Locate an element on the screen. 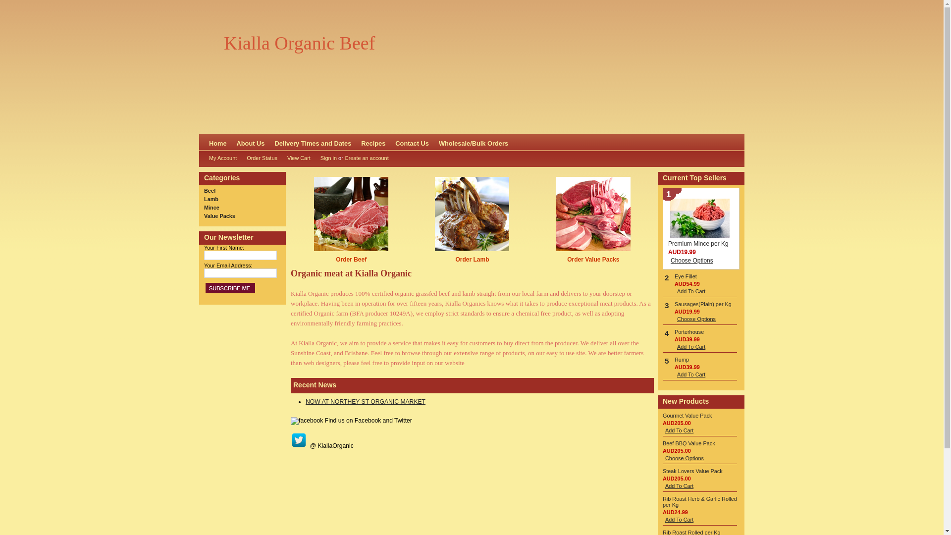 This screenshot has width=951, height=535. 'Sign in' is located at coordinates (328, 158).